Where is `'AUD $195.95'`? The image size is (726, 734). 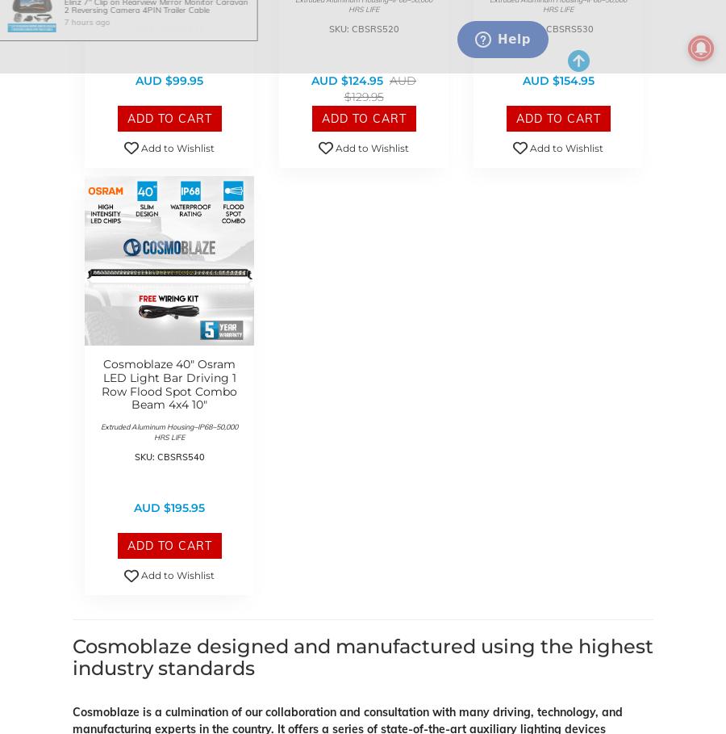
'AUD $195.95' is located at coordinates (169, 508).